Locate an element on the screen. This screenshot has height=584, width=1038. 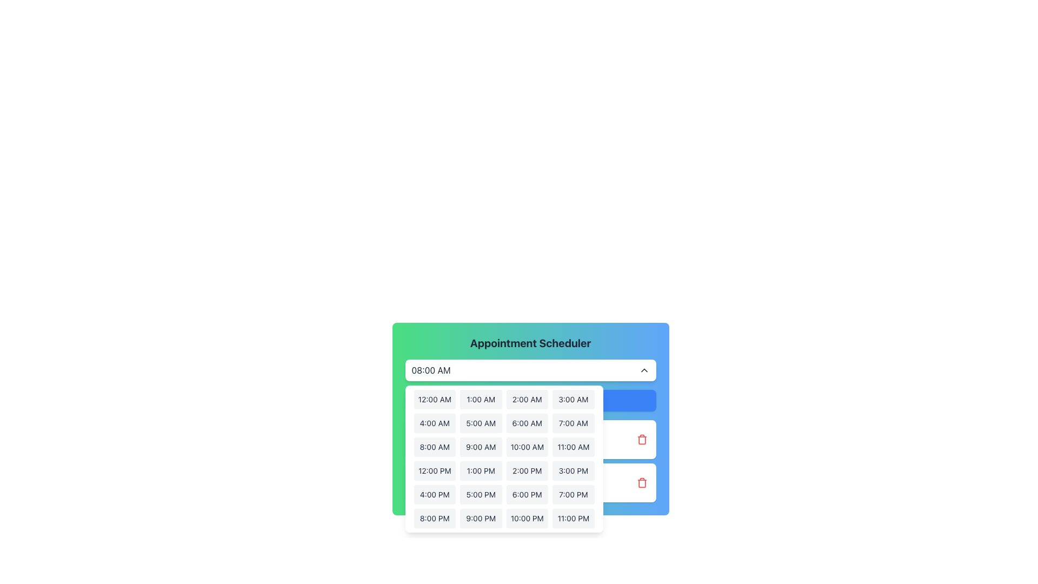
the first button in the fourth row of the time slot grid is located at coordinates (435, 470).